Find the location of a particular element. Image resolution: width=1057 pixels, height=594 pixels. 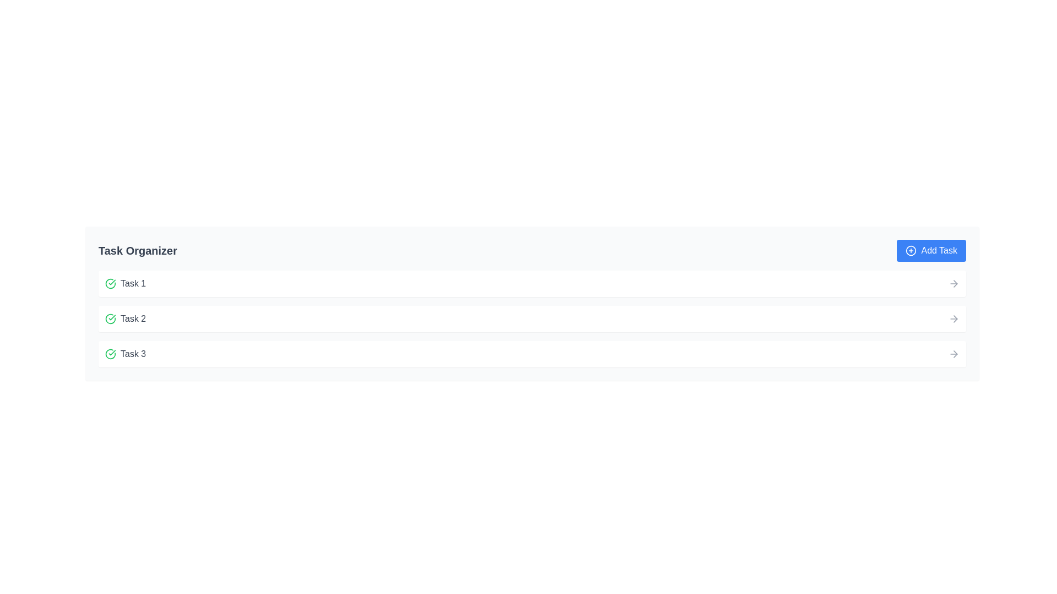

the 'Task 2' label which is a textual item with a green checked circle icon, positioned between 'Task 1' and 'Task 3' in a vertical list of tasks is located at coordinates (126, 318).